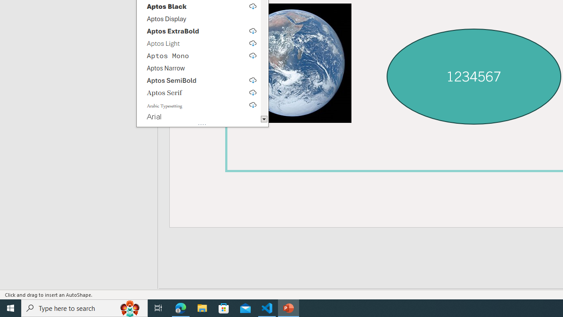  I want to click on 'Aptos Black, select to download', so click(198, 6).